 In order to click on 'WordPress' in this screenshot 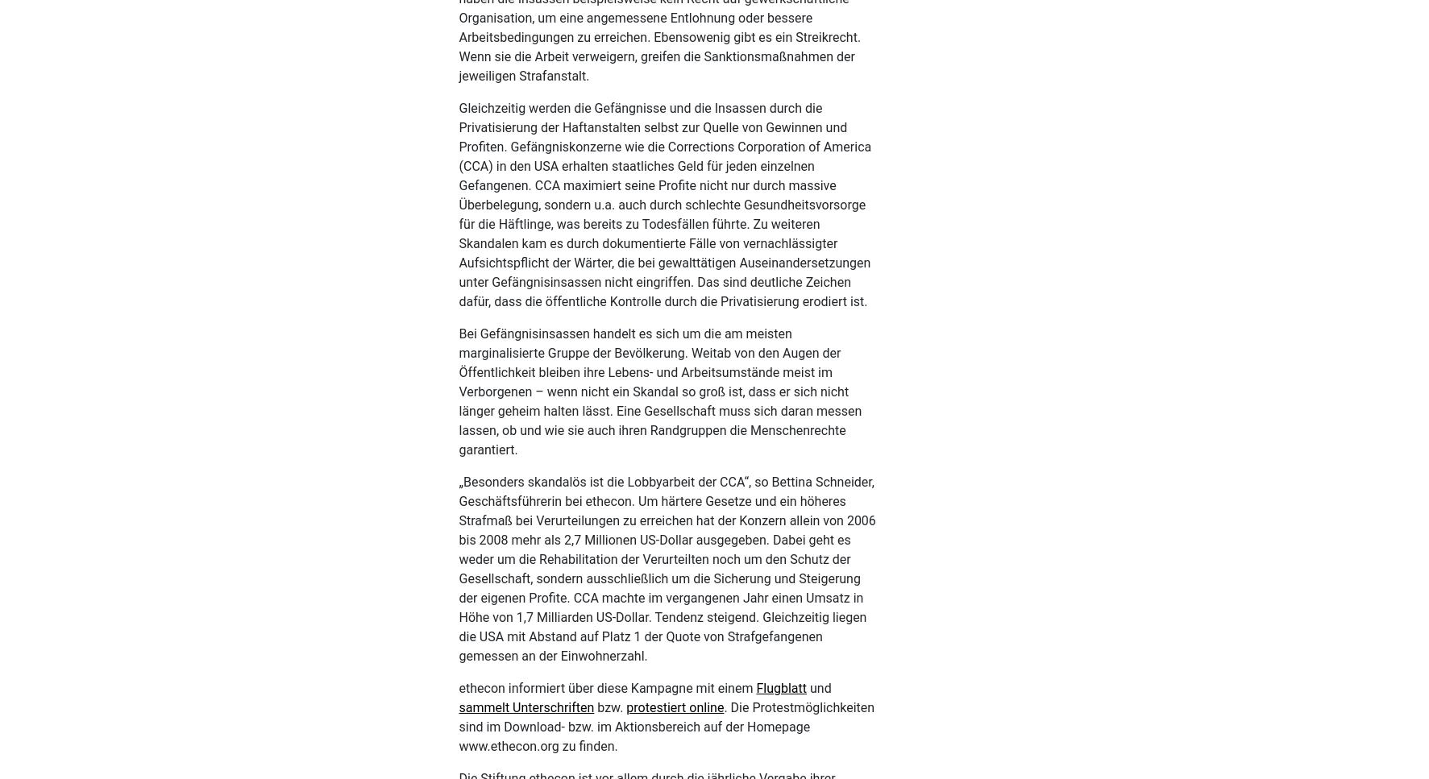, I will do `click(349, 745)`.